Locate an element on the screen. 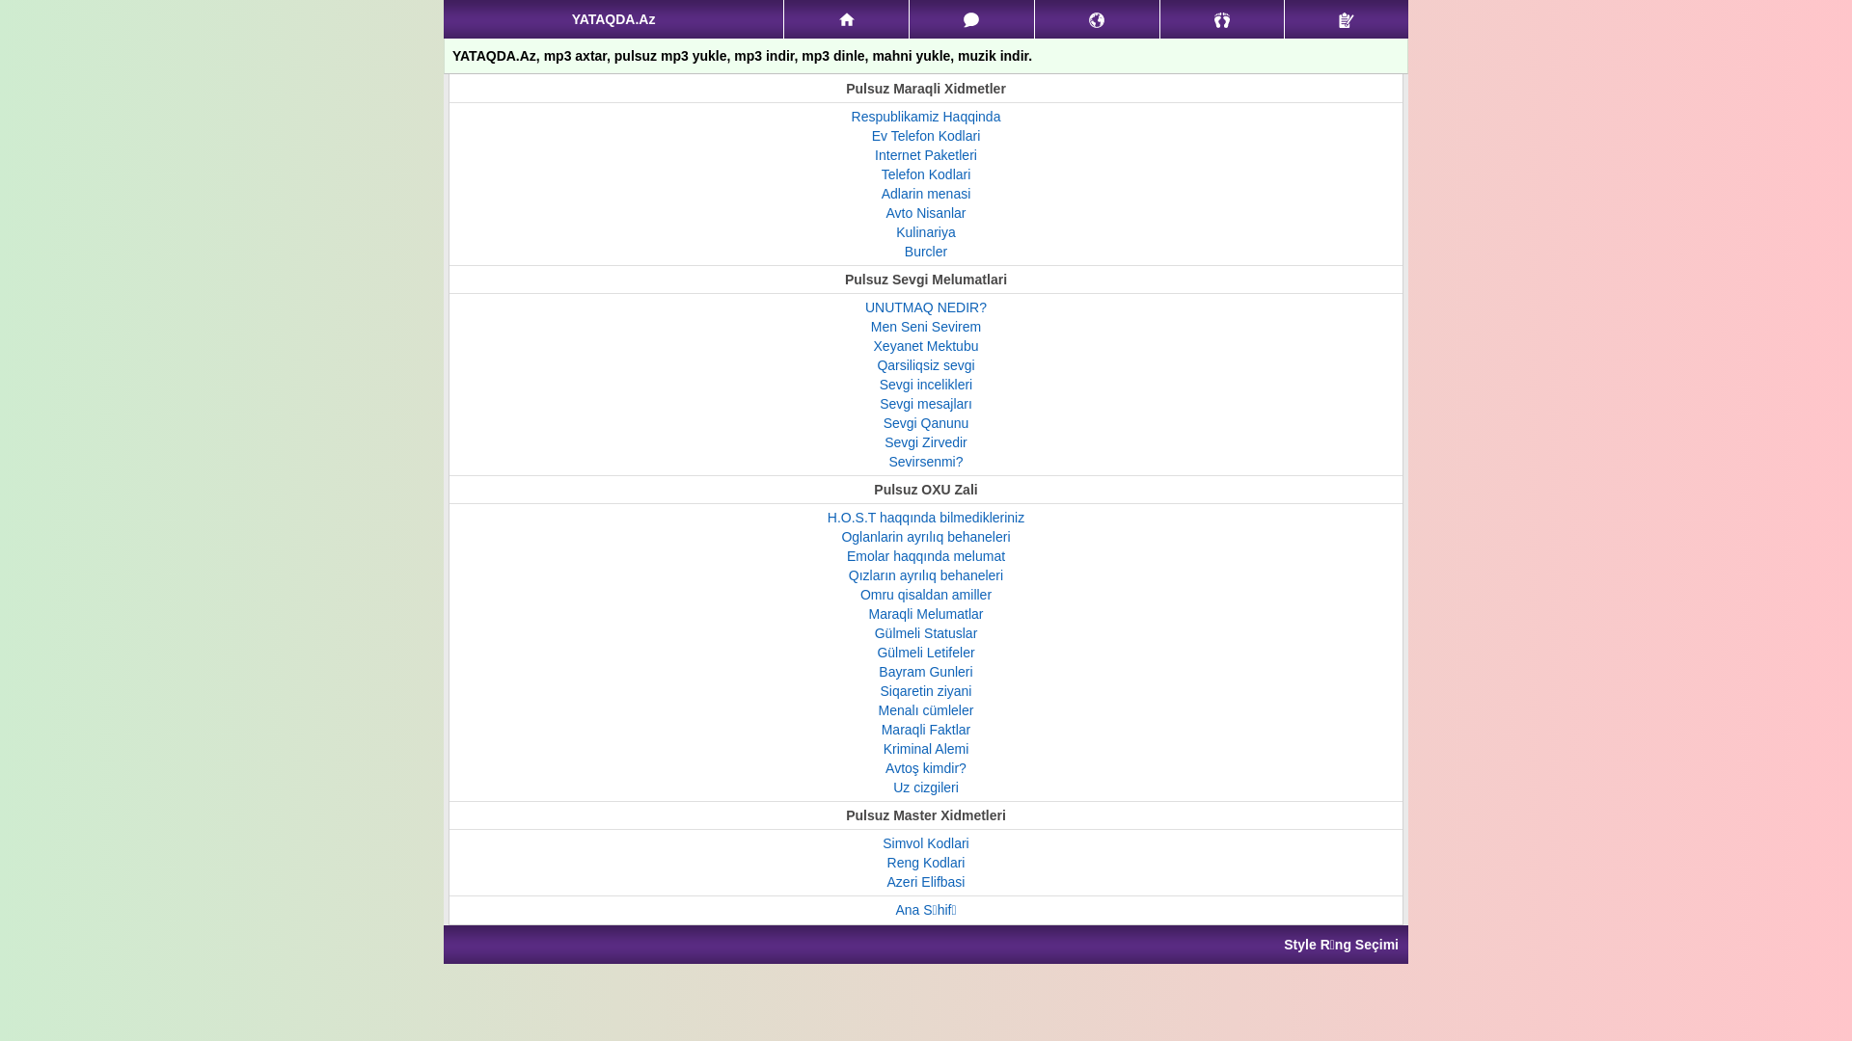  'Siqaretin ziyani' is located at coordinates (879, 690).